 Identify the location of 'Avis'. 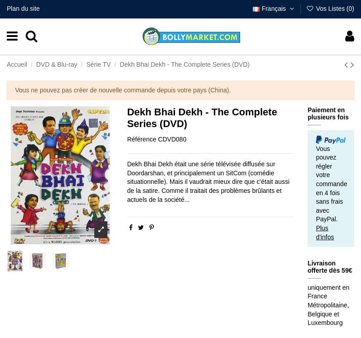
(6, 119).